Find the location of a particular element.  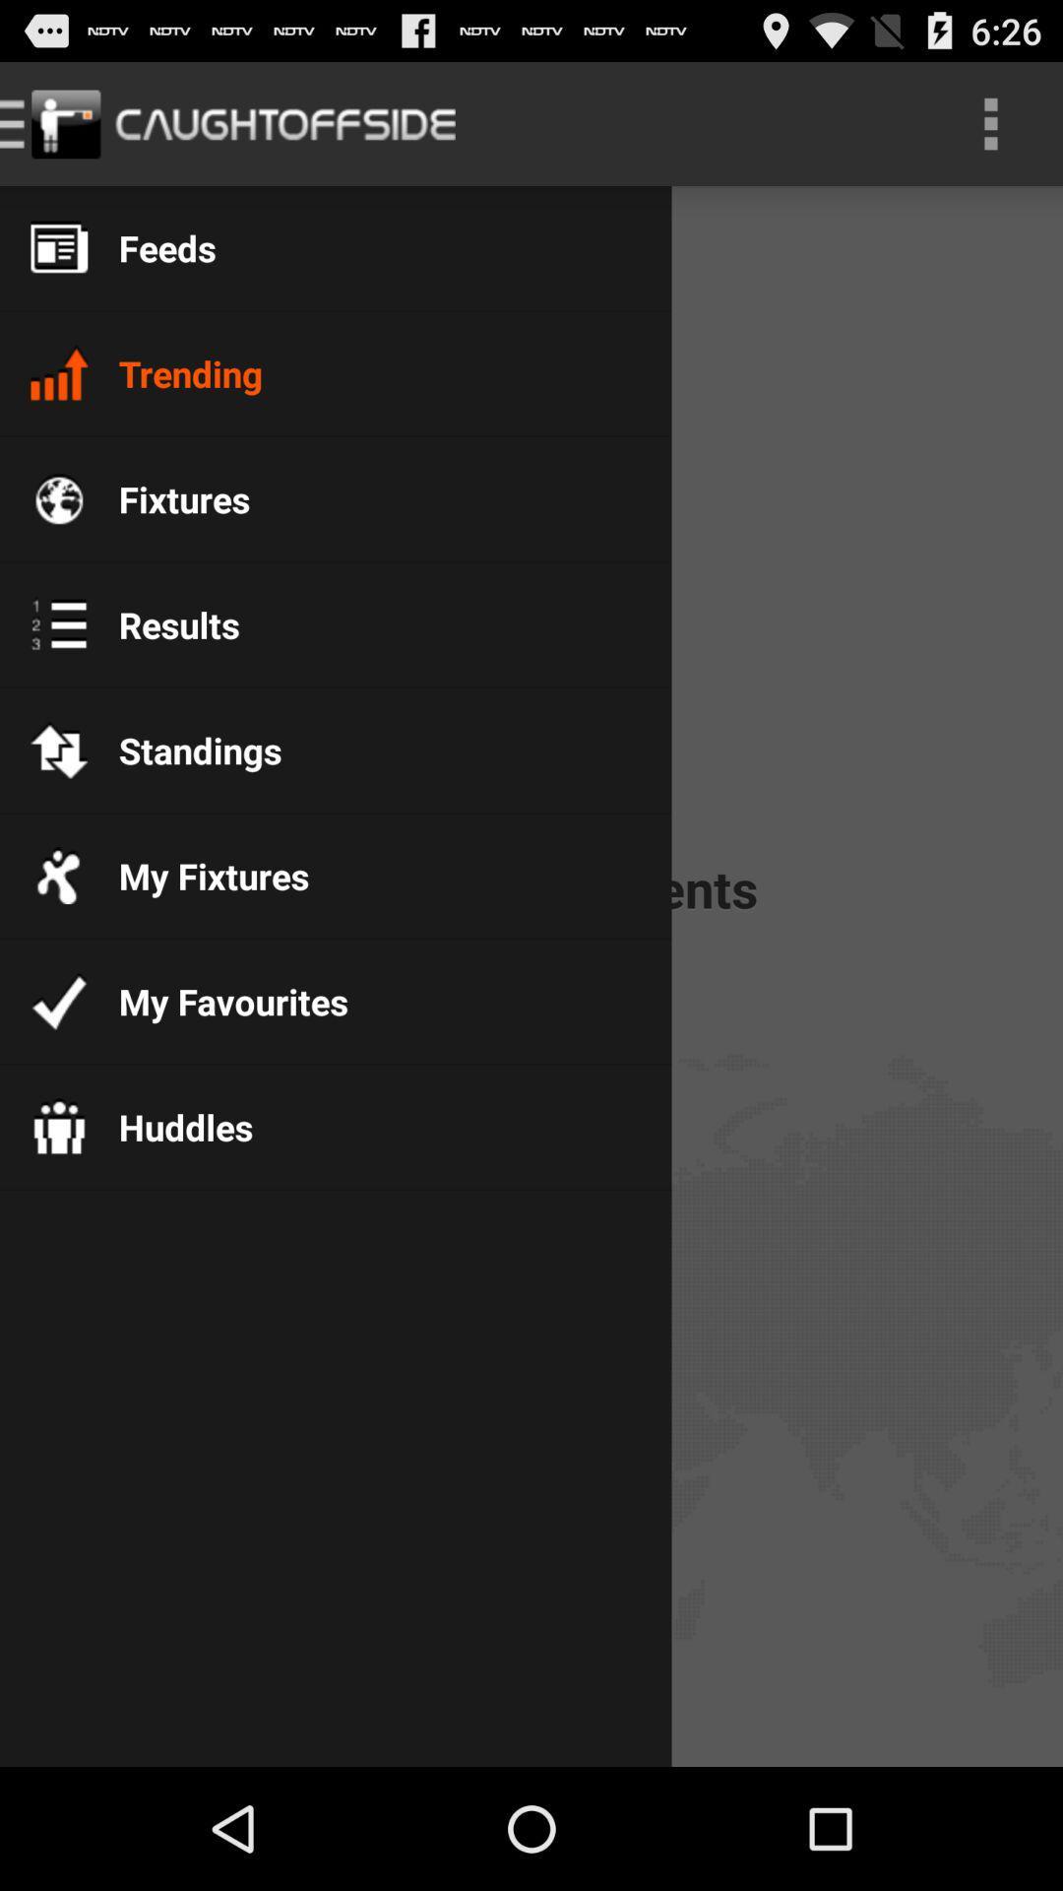

icon below no trending events item is located at coordinates (218, 1002).